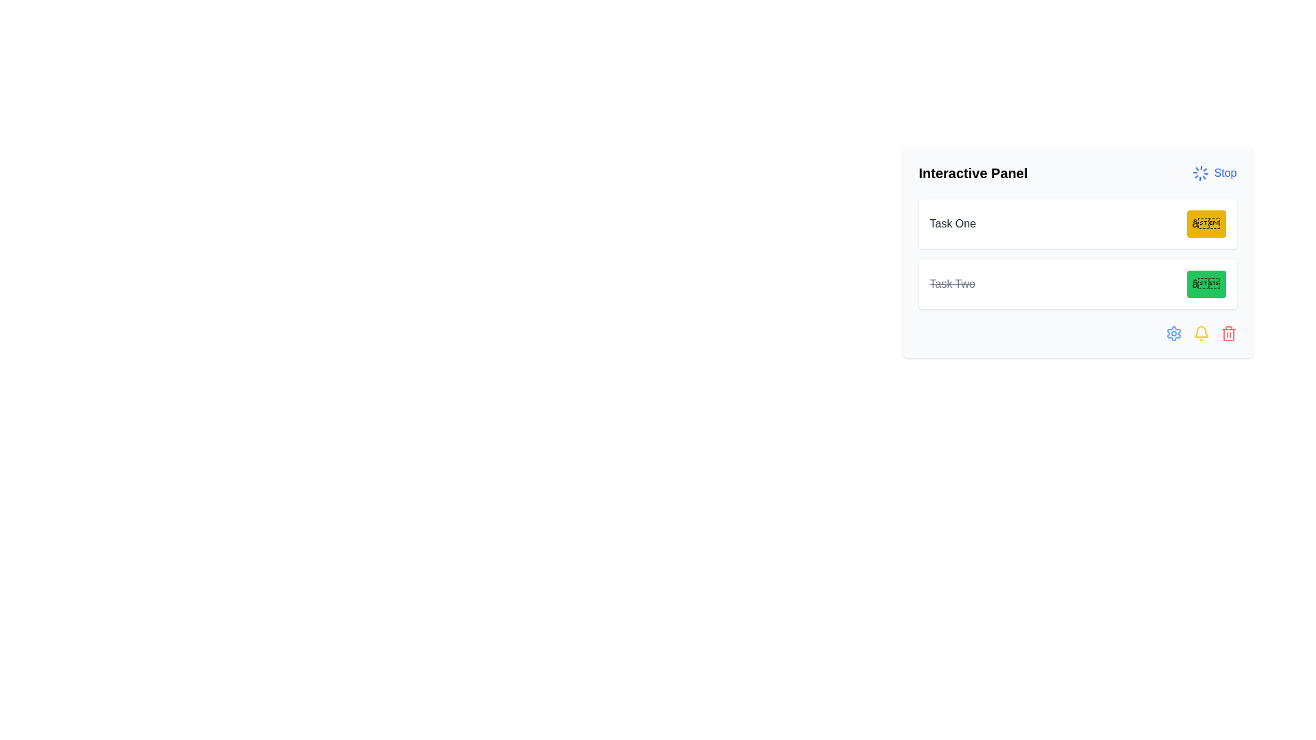 This screenshot has height=740, width=1316. What do you see at coordinates (1077, 254) in the screenshot?
I see `the Task List Component located in the Interactive Panel` at bounding box center [1077, 254].